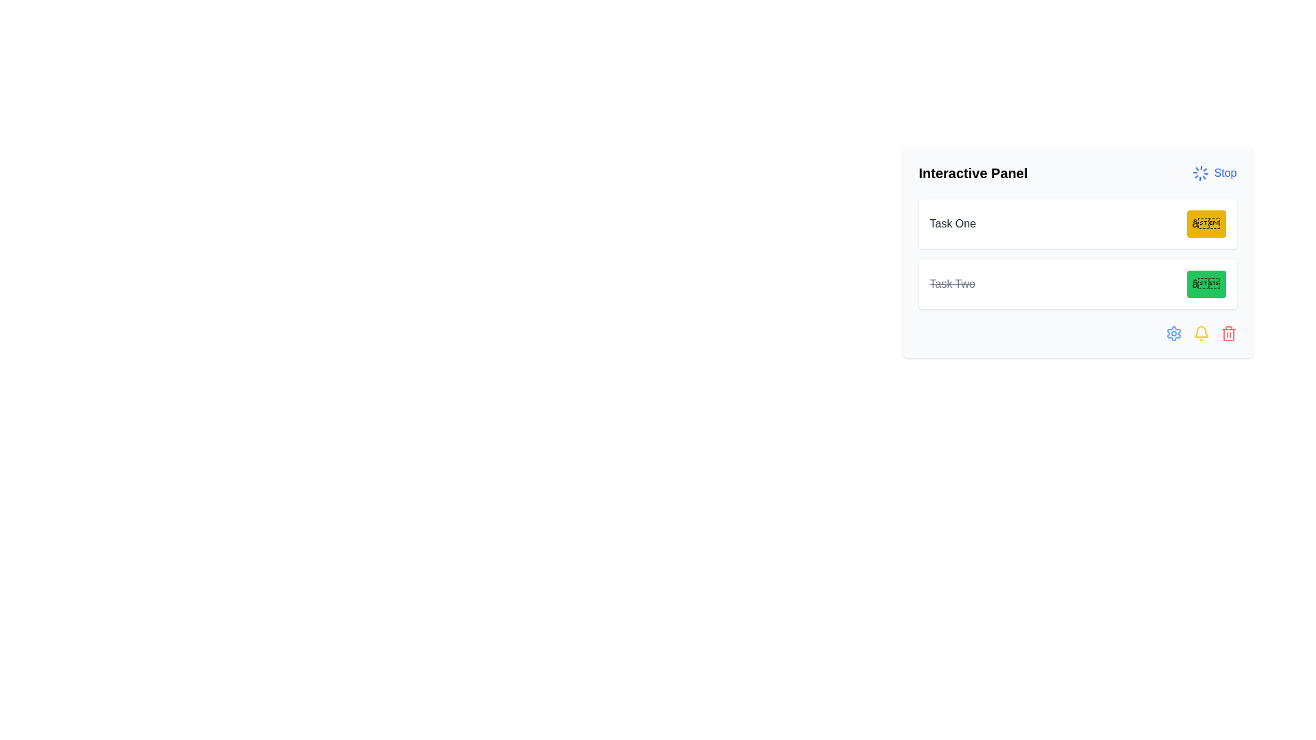 This screenshot has height=740, width=1316. What do you see at coordinates (1077, 254) in the screenshot?
I see `the Task List Component located in the Interactive Panel` at bounding box center [1077, 254].